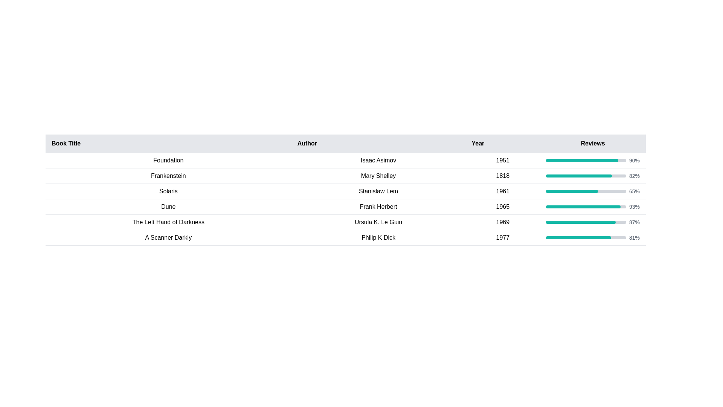 This screenshot has width=723, height=407. Describe the element at coordinates (592, 238) in the screenshot. I see `the Rating indicator with the text '81%' which is a progress bar styled in teal and gray tones, located in the 'Reviews' column of the table for the book 'A Scanner Darkly'` at that location.